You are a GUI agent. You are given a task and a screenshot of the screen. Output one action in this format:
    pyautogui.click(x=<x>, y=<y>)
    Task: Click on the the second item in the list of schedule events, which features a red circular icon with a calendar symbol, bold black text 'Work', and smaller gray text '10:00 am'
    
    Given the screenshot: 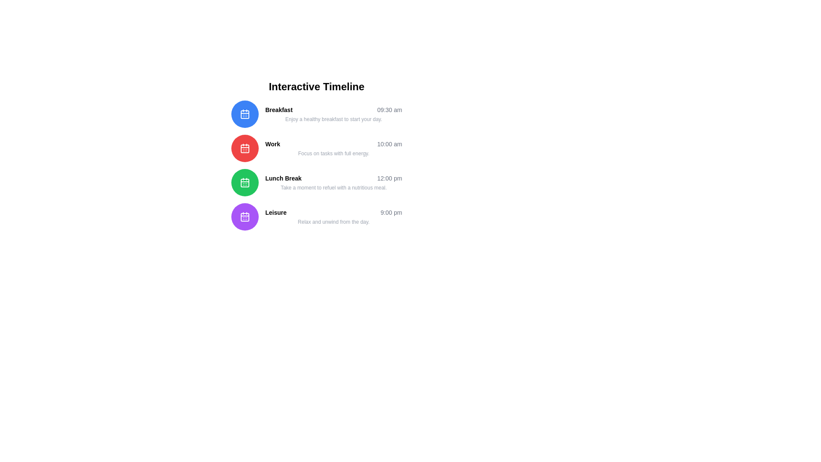 What is the action you would take?
    pyautogui.click(x=316, y=148)
    